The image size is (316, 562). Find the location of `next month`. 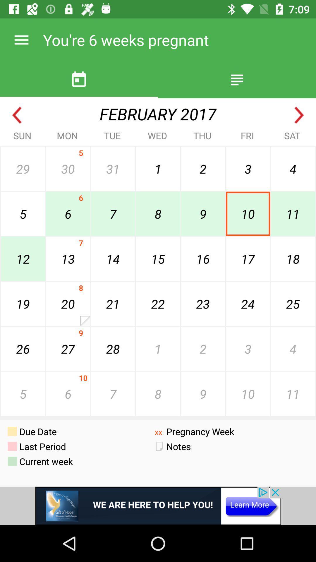

next month is located at coordinates (299, 115).